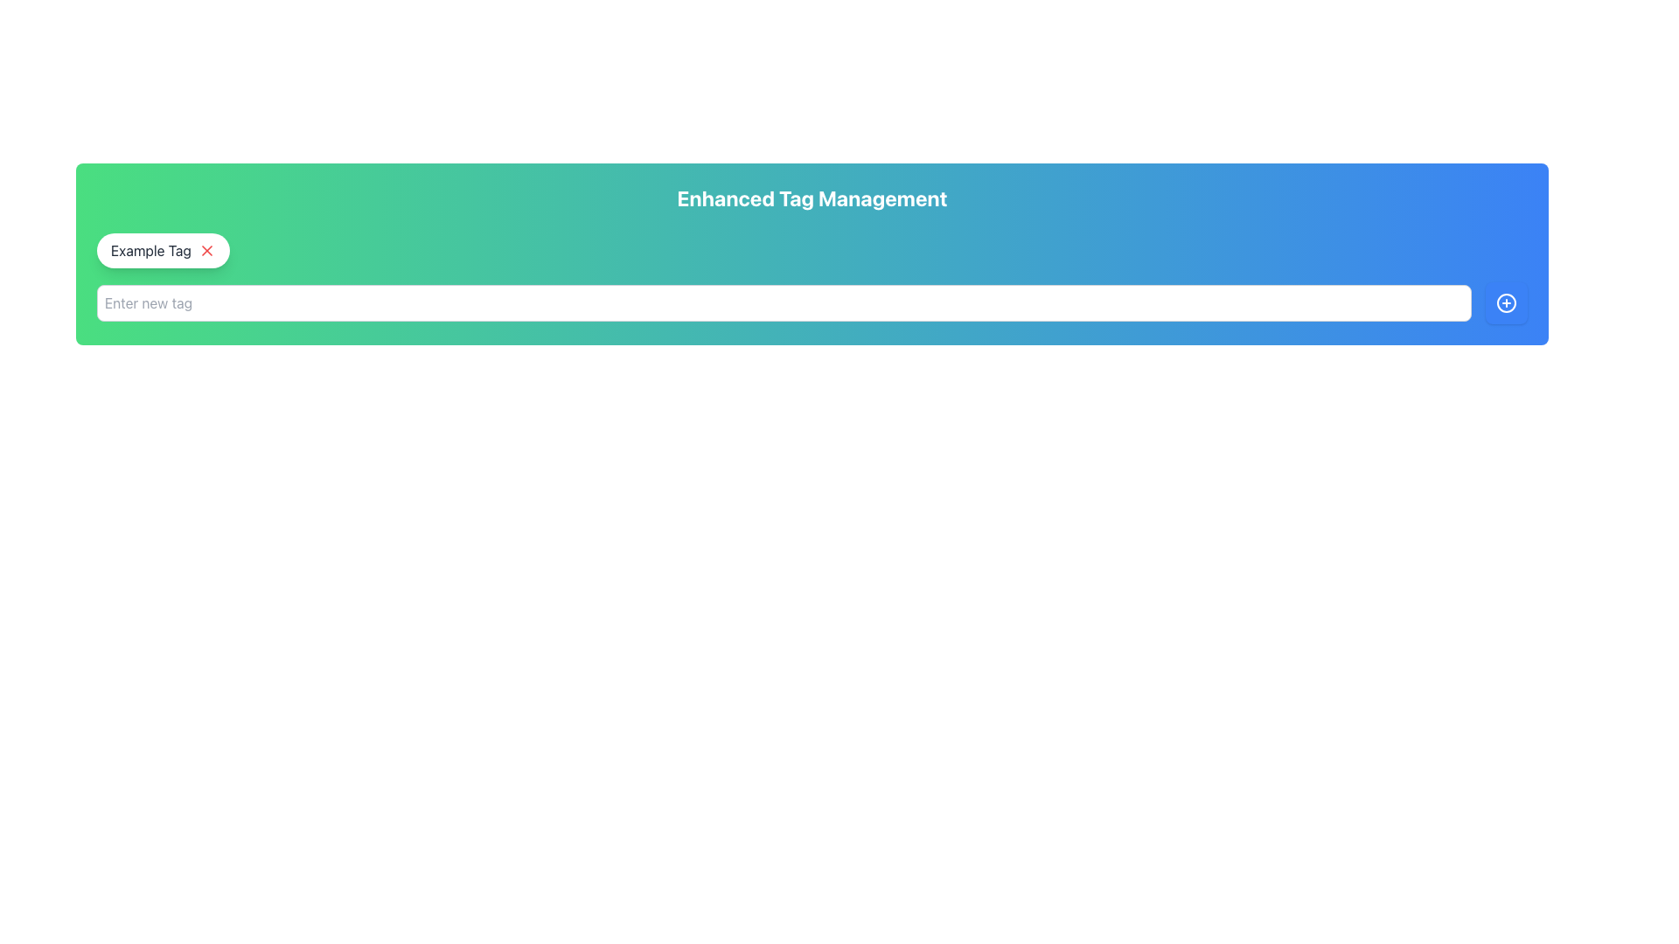  I want to click on the close/delete icon located in the small red area to the right of the 'Example Tag' text, so click(206, 250).